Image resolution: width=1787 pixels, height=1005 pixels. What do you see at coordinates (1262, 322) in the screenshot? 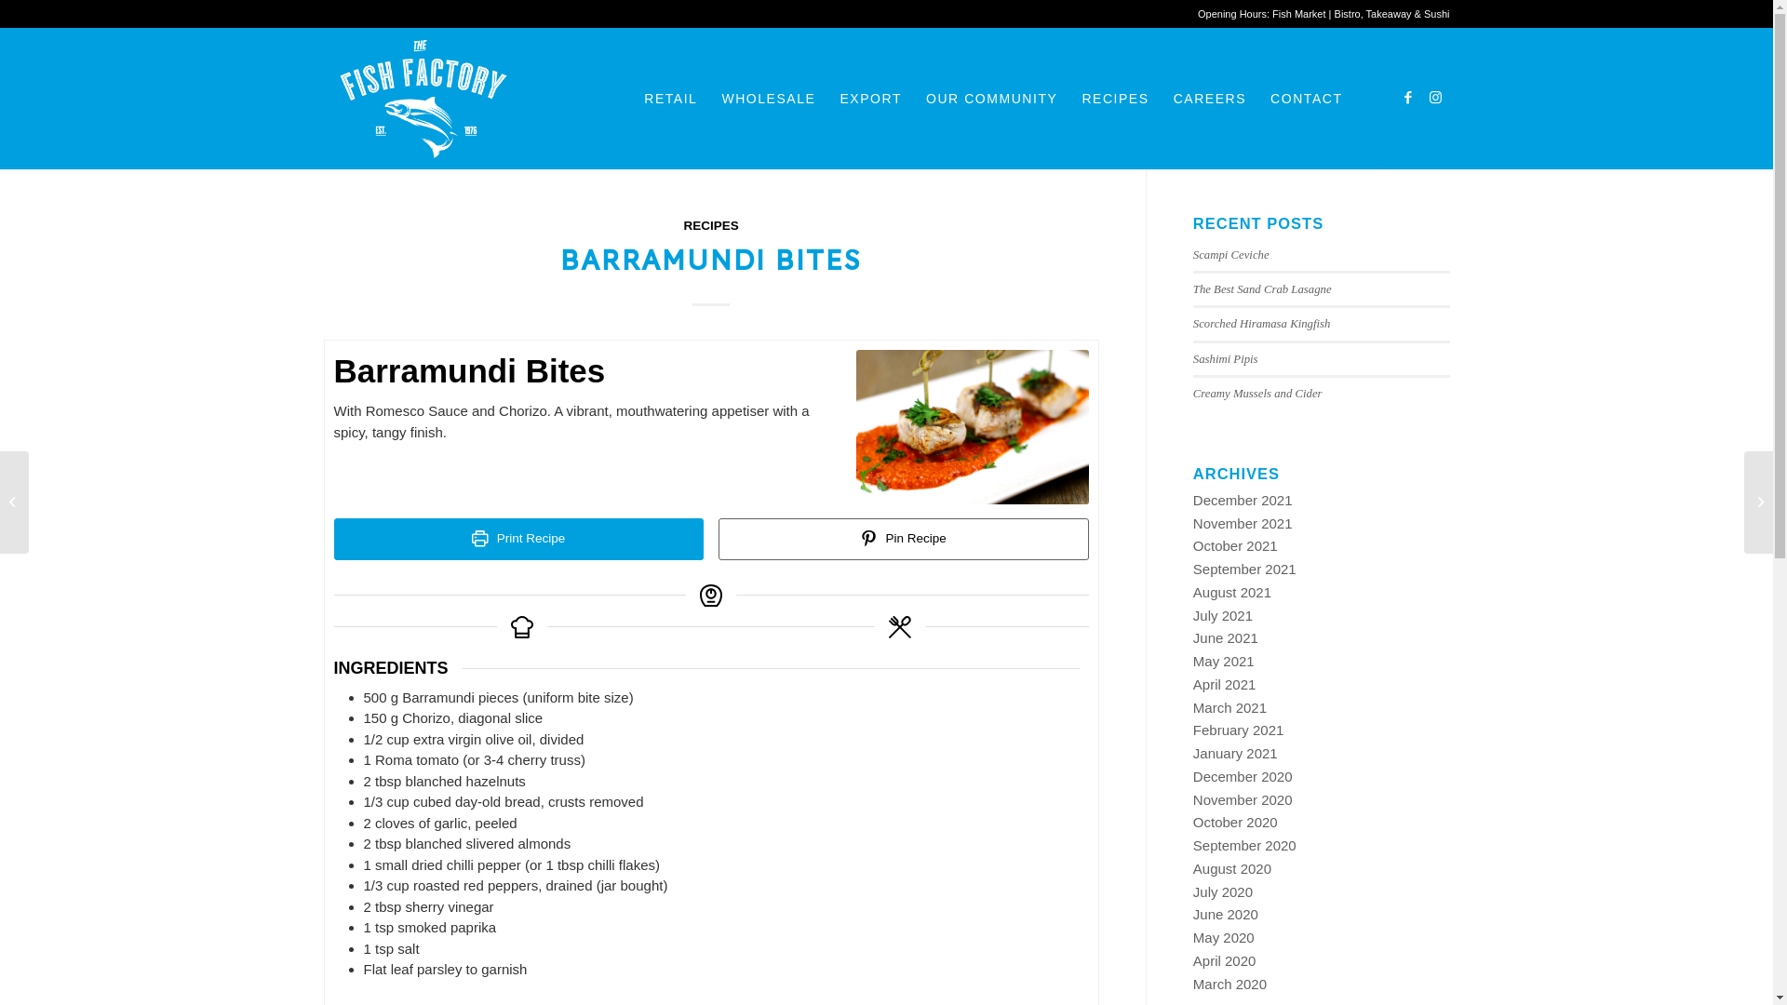
I see `'Scorched Hiramasa Kingfish'` at bounding box center [1262, 322].